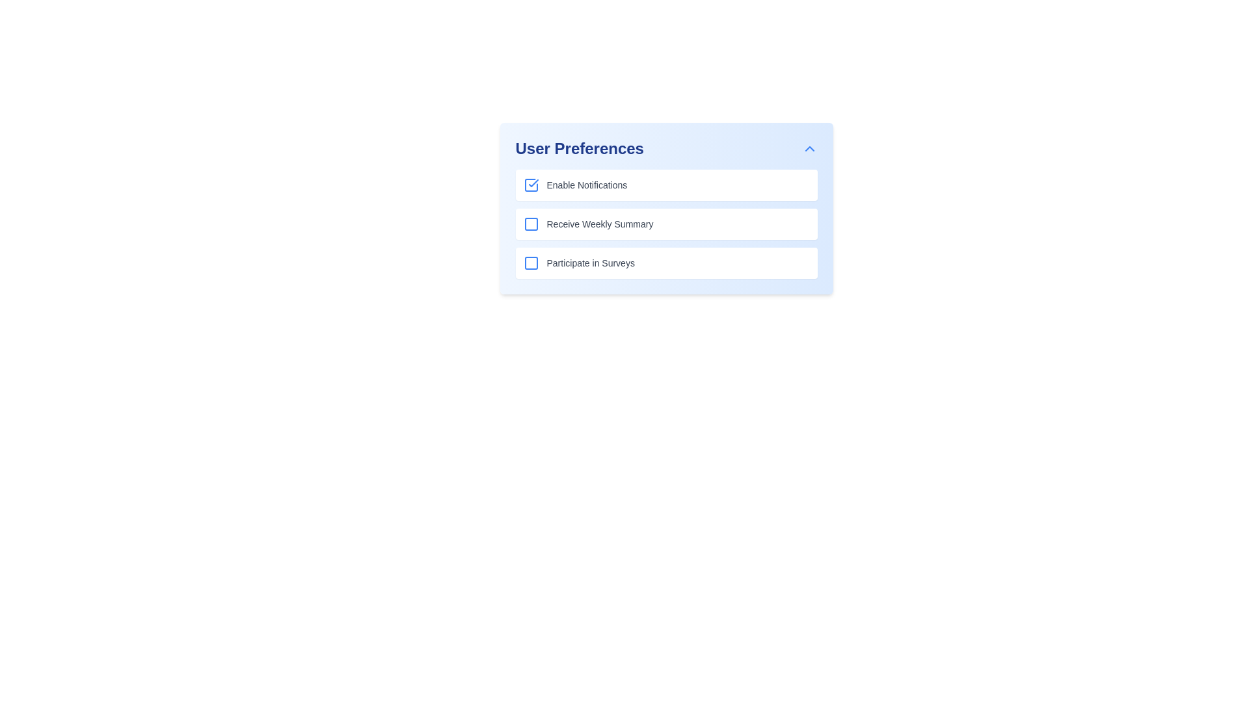 The image size is (1249, 702). Describe the element at coordinates (579, 148) in the screenshot. I see `the 'User Preferences' text label displayed in a bold, large, blue font at the top of the panel` at that location.